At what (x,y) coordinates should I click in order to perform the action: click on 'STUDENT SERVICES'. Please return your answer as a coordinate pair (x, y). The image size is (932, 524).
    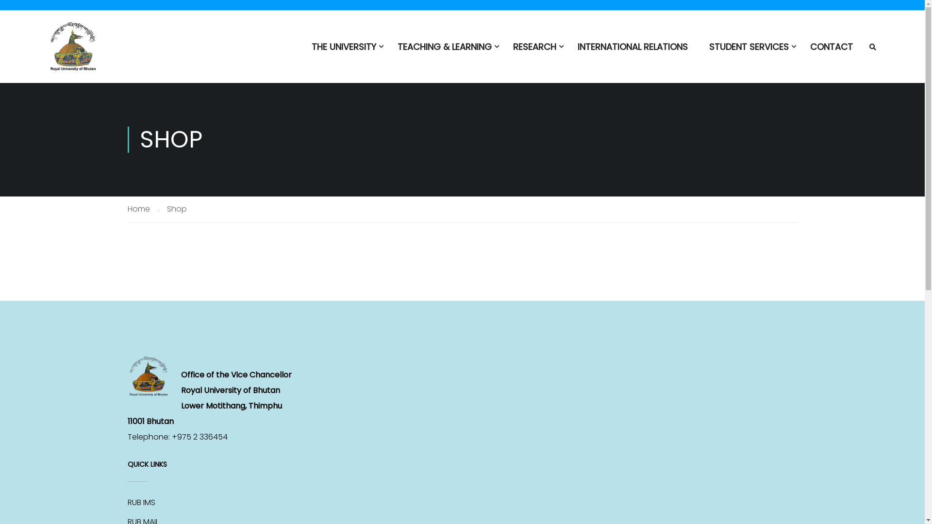
    Looking at the image, I should click on (748, 51).